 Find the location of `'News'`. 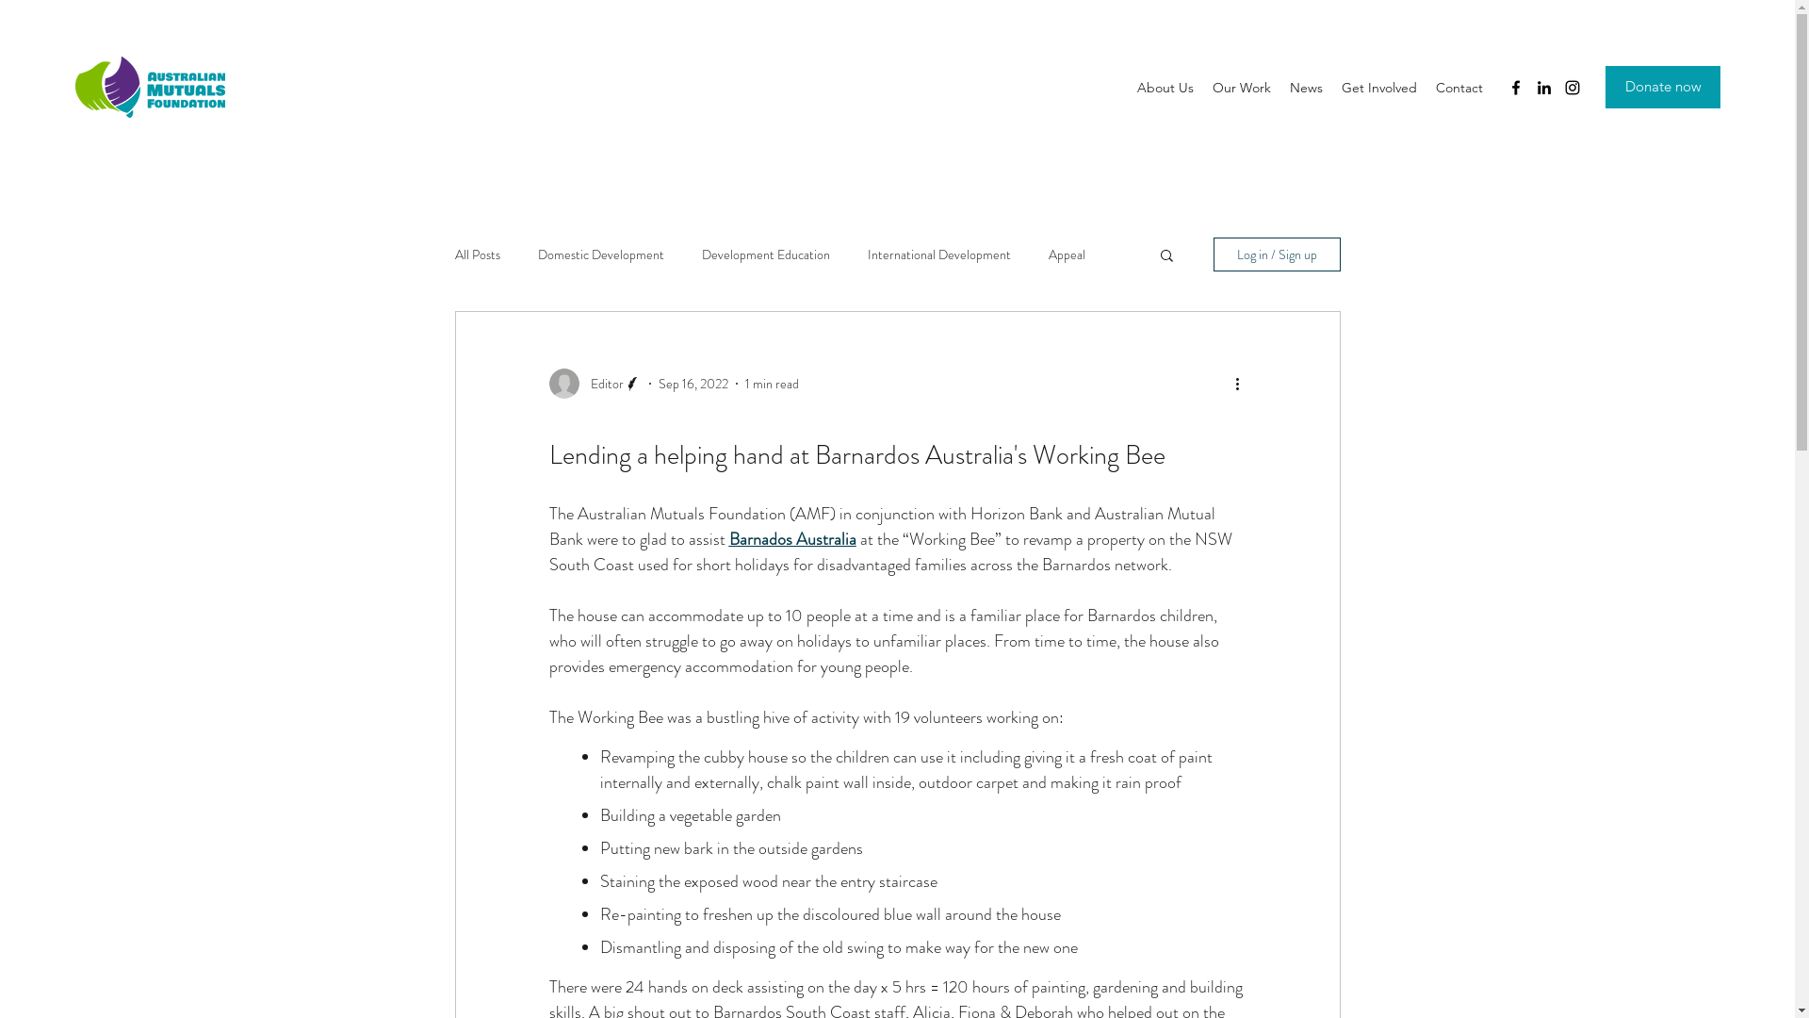

'News' is located at coordinates (1279, 87).